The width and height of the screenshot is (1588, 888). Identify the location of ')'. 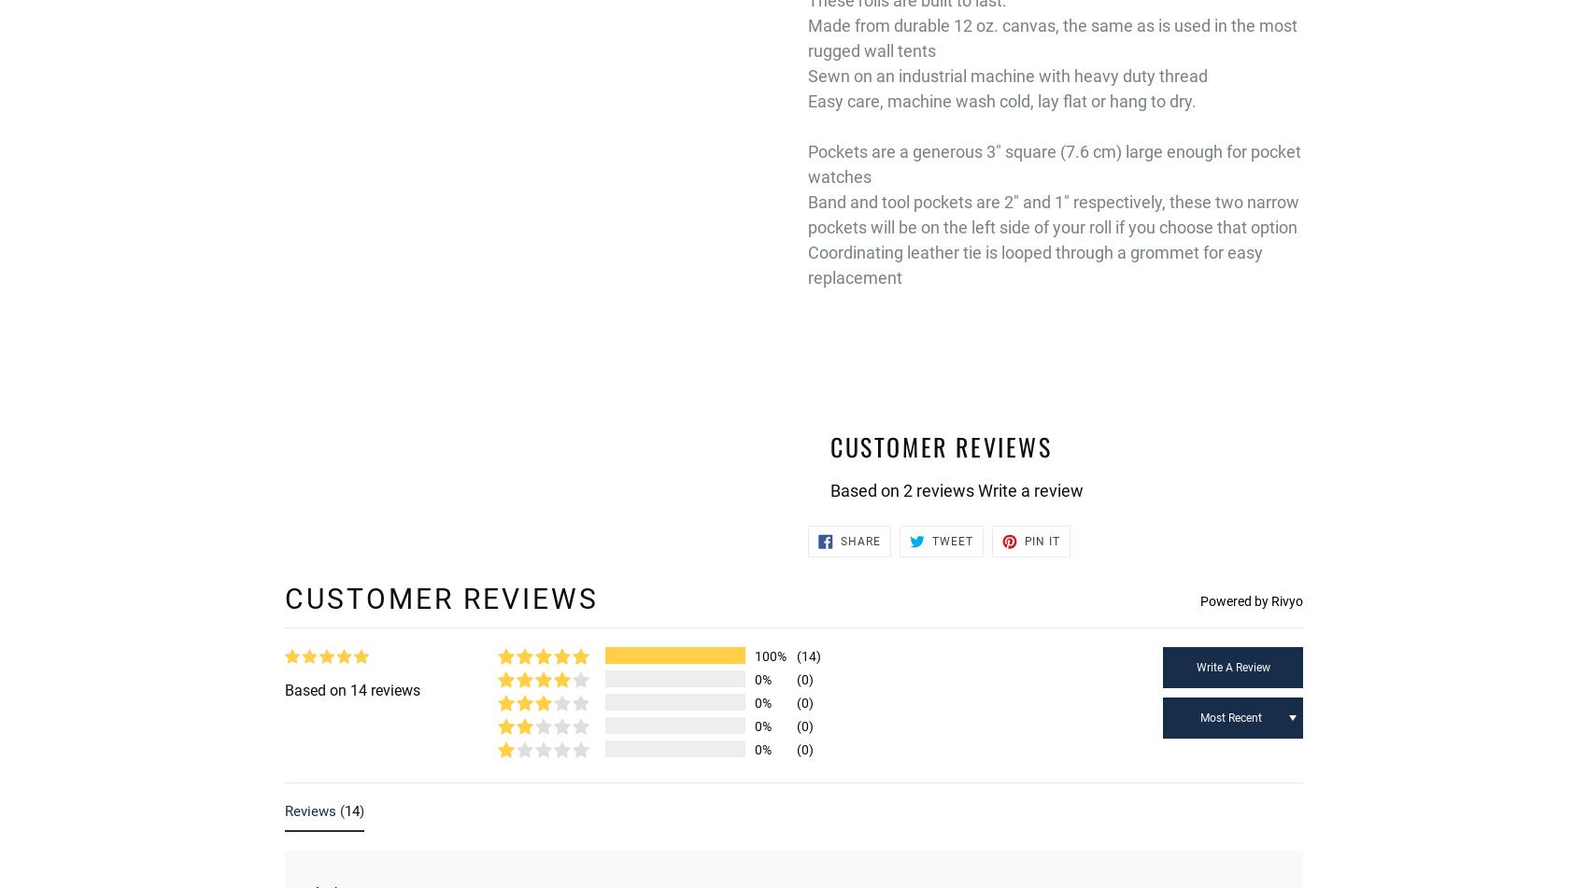
(361, 809).